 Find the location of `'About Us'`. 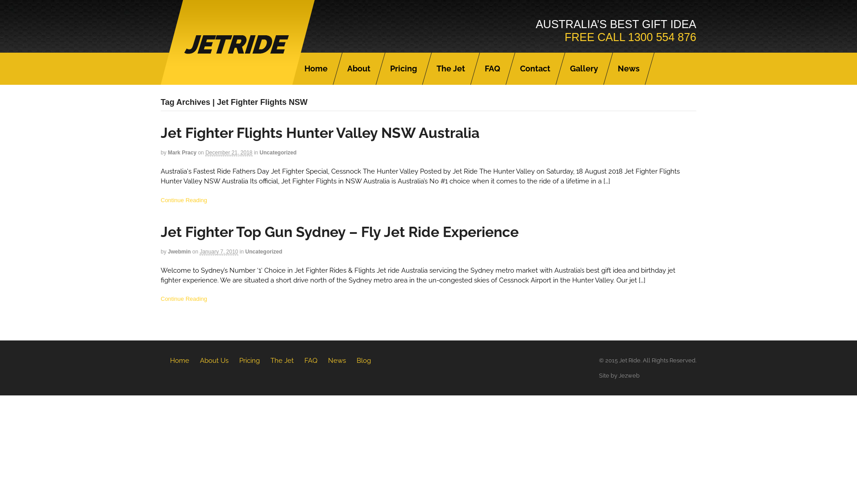

'About Us' is located at coordinates (214, 360).